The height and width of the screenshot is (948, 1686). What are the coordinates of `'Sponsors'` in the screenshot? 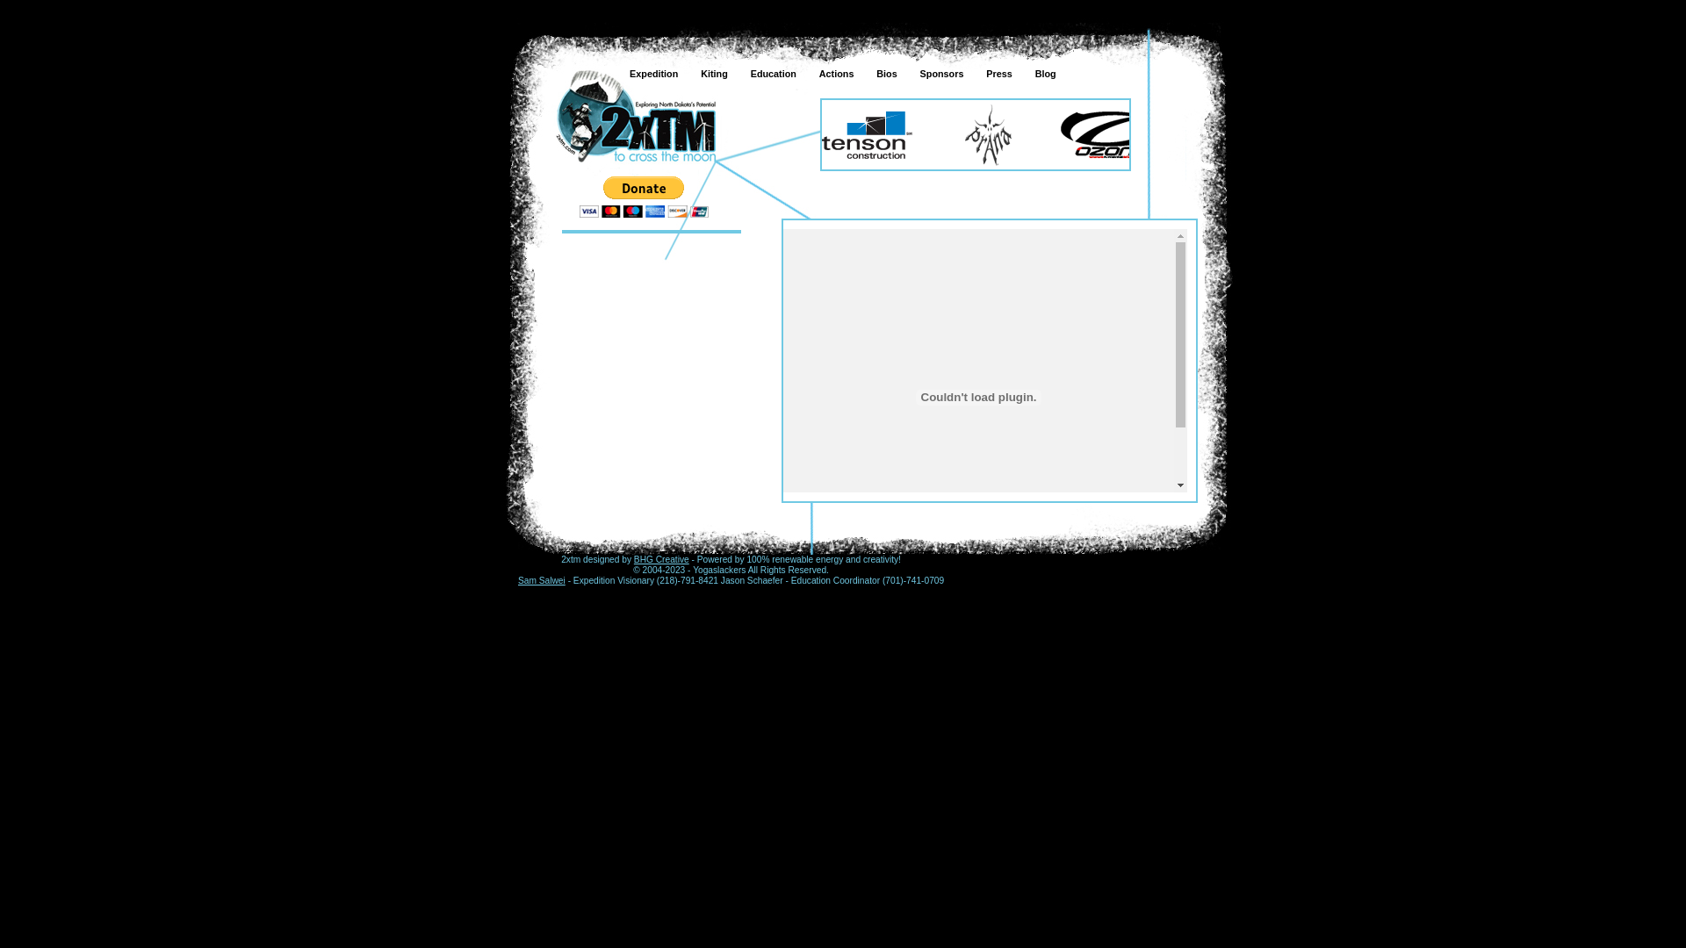 It's located at (906, 73).